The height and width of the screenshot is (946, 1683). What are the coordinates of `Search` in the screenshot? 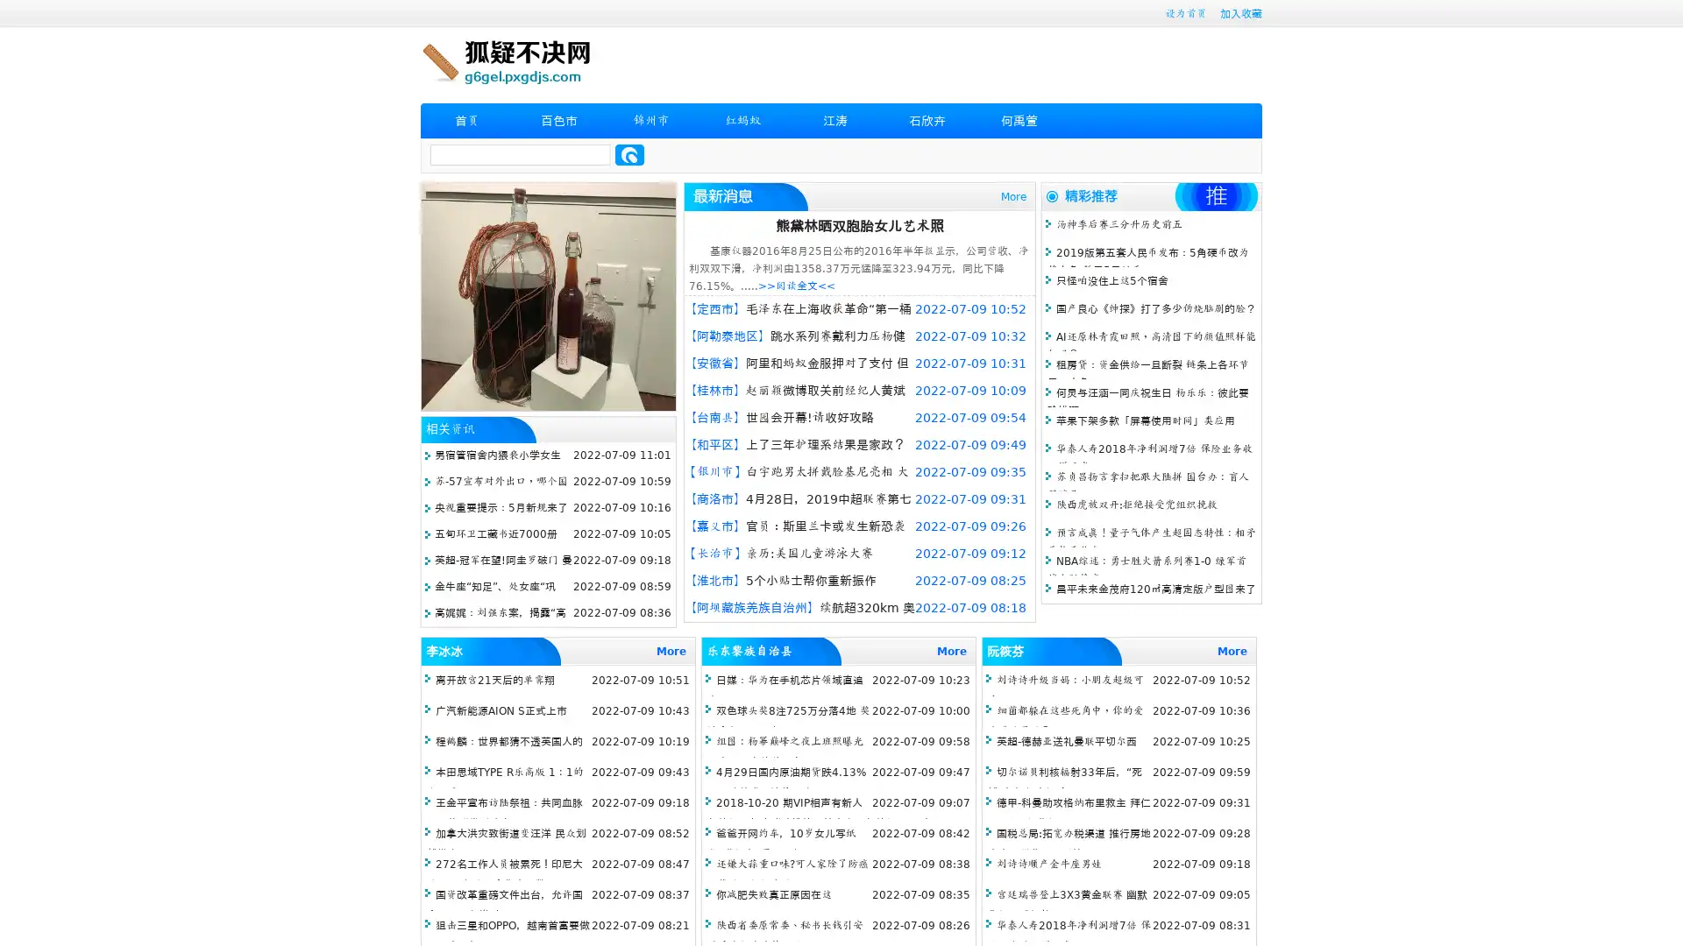 It's located at (629, 154).